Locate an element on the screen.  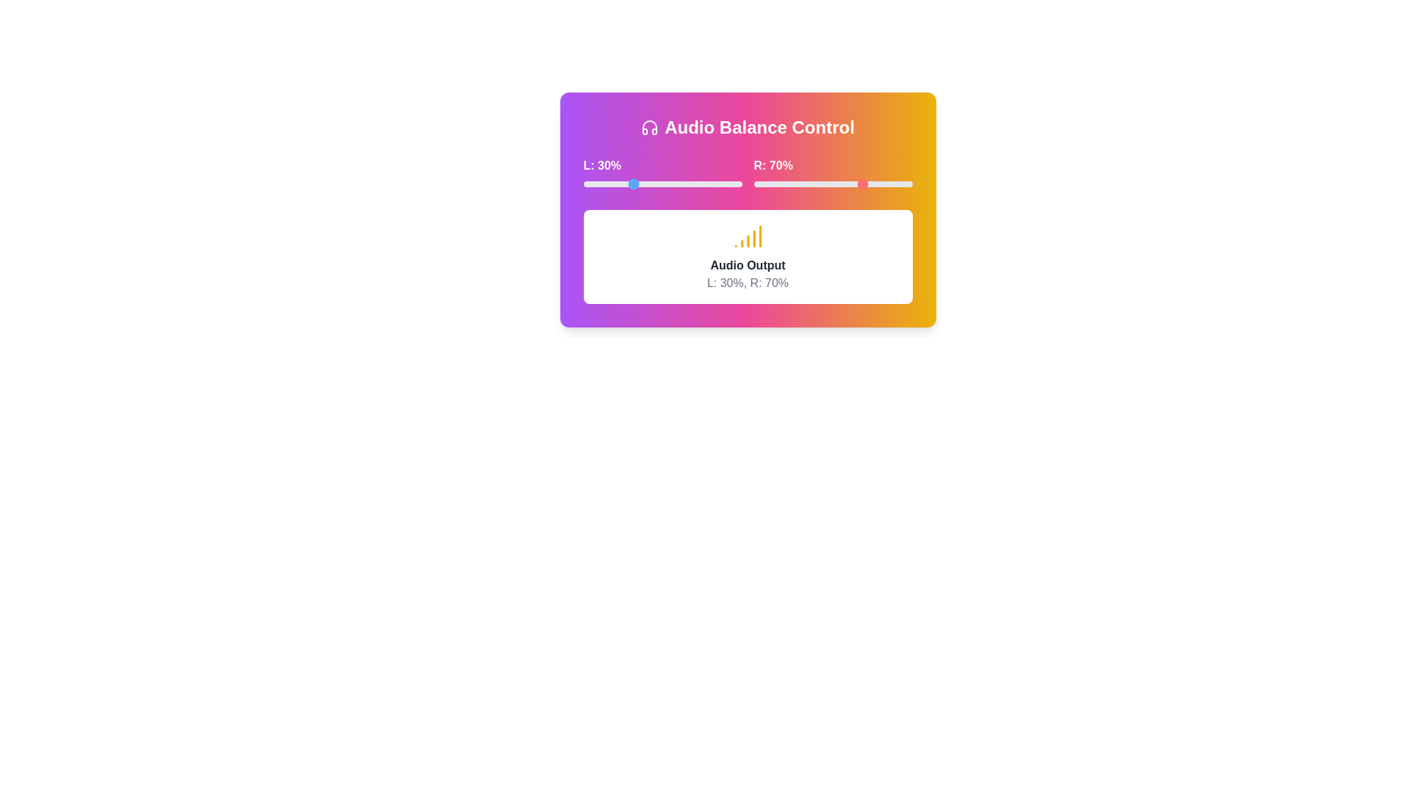
the right volume slider to 47% is located at coordinates (828, 183).